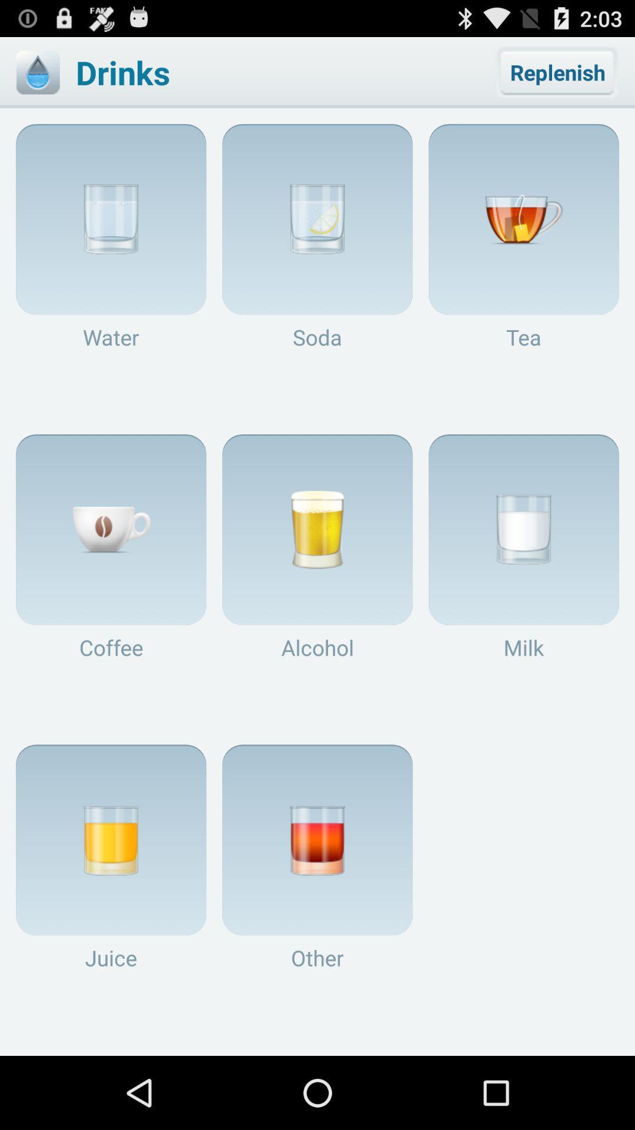 This screenshot has height=1130, width=635. What do you see at coordinates (557, 72) in the screenshot?
I see `the item to the right of the drinks app` at bounding box center [557, 72].